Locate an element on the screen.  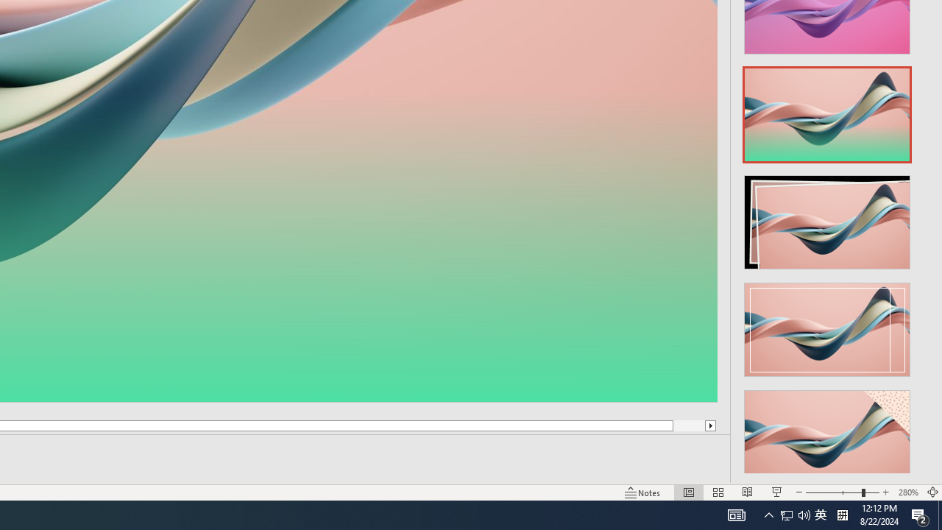
'Zoom 280%' is located at coordinates (907, 492).